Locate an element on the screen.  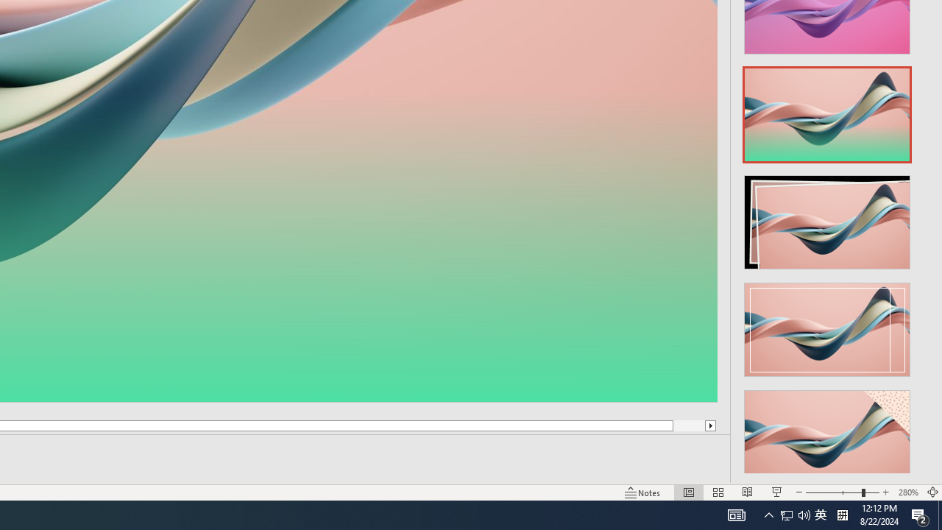
'Zoom 280%' is located at coordinates (907, 492).